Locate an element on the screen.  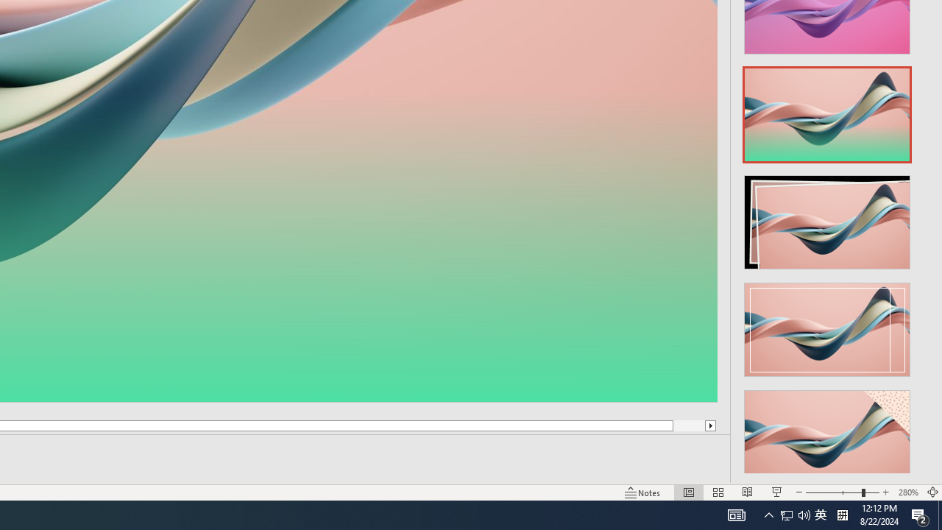
'Zoom 280%' is located at coordinates (907, 492).